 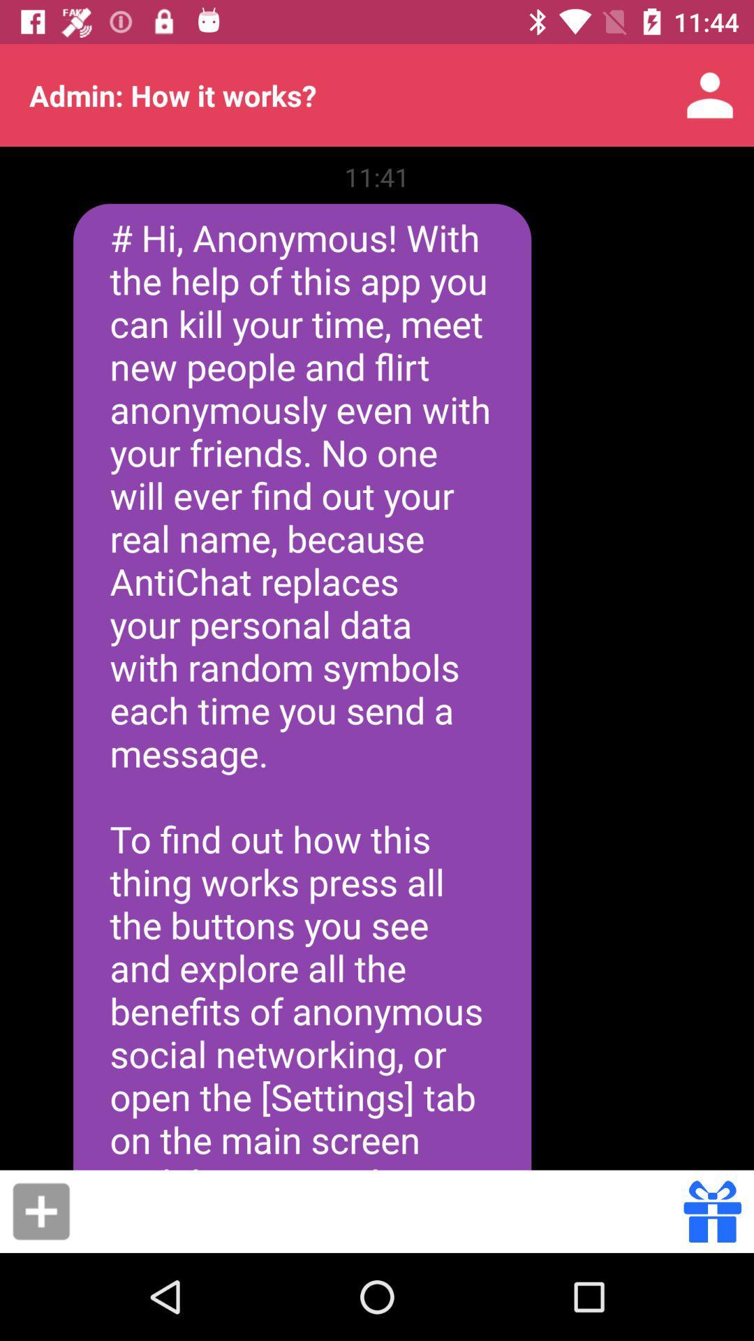 What do you see at coordinates (302, 687) in the screenshot?
I see `hi anonymous with at the center` at bounding box center [302, 687].